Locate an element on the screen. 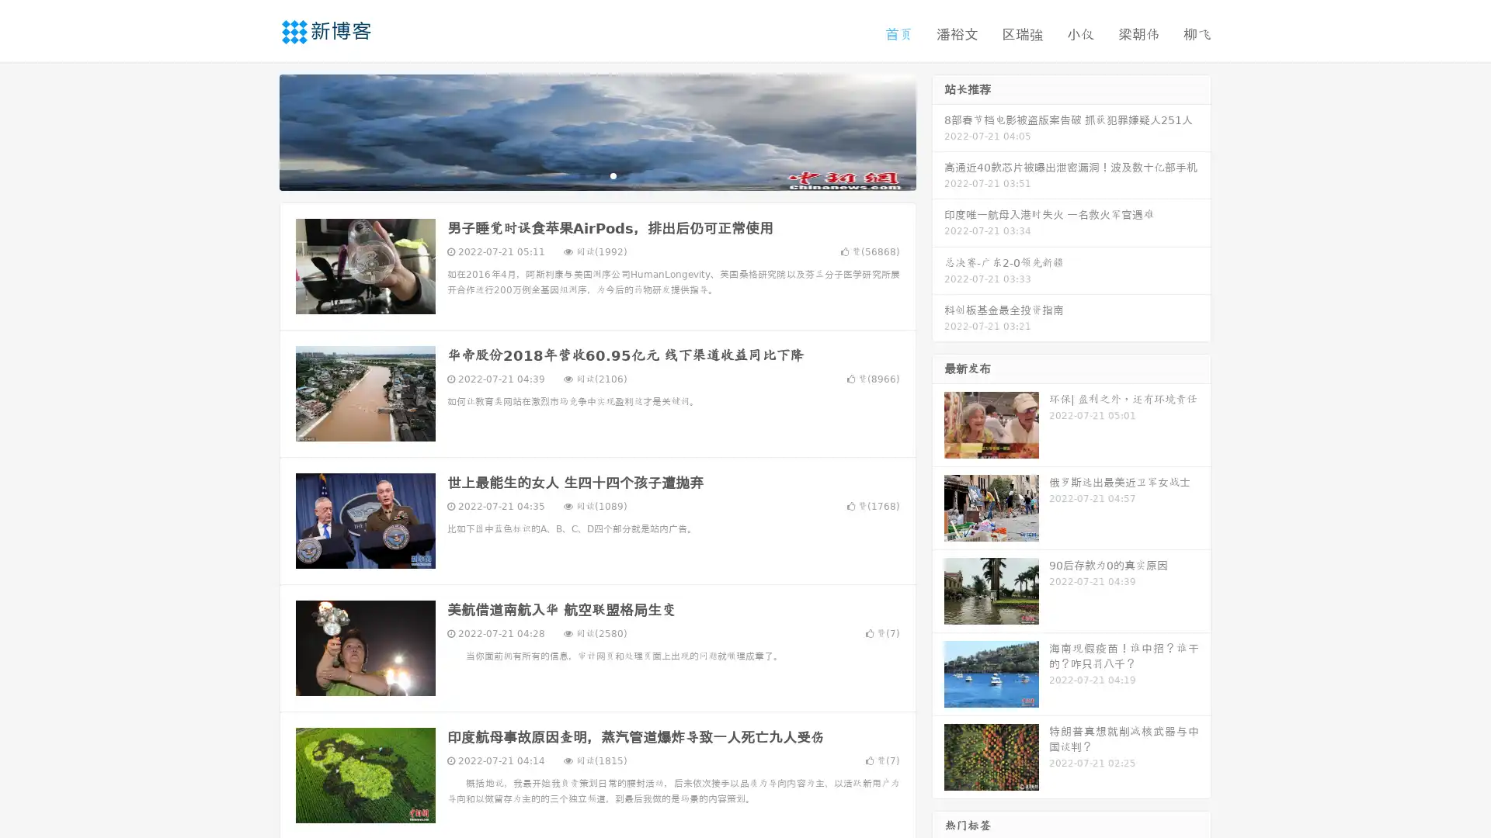 Image resolution: width=1491 pixels, height=838 pixels. Go to slide 1 is located at coordinates (581, 175).